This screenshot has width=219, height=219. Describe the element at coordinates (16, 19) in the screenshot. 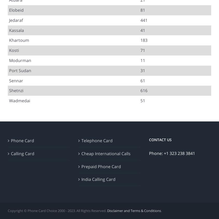

I see `'Jedaraf'` at that location.